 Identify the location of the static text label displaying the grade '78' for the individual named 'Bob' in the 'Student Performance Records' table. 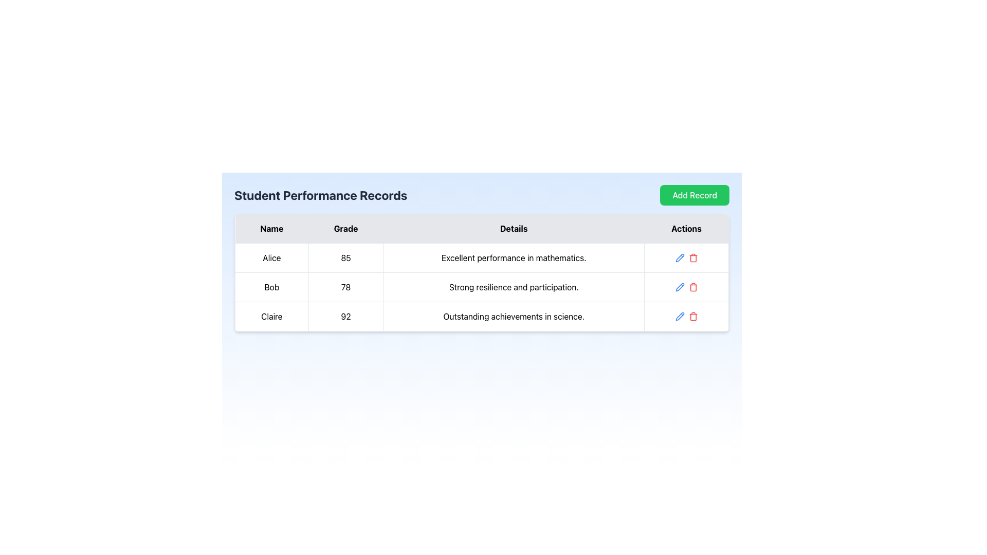
(346, 287).